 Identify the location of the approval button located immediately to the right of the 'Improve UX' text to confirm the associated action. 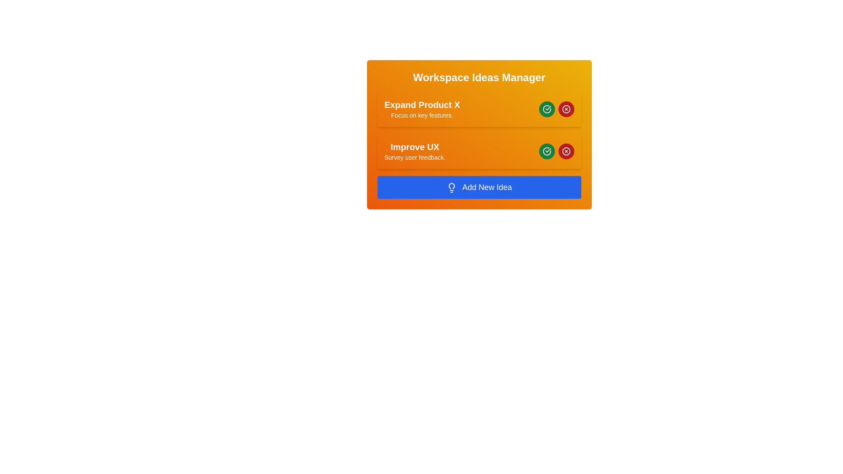
(546, 109).